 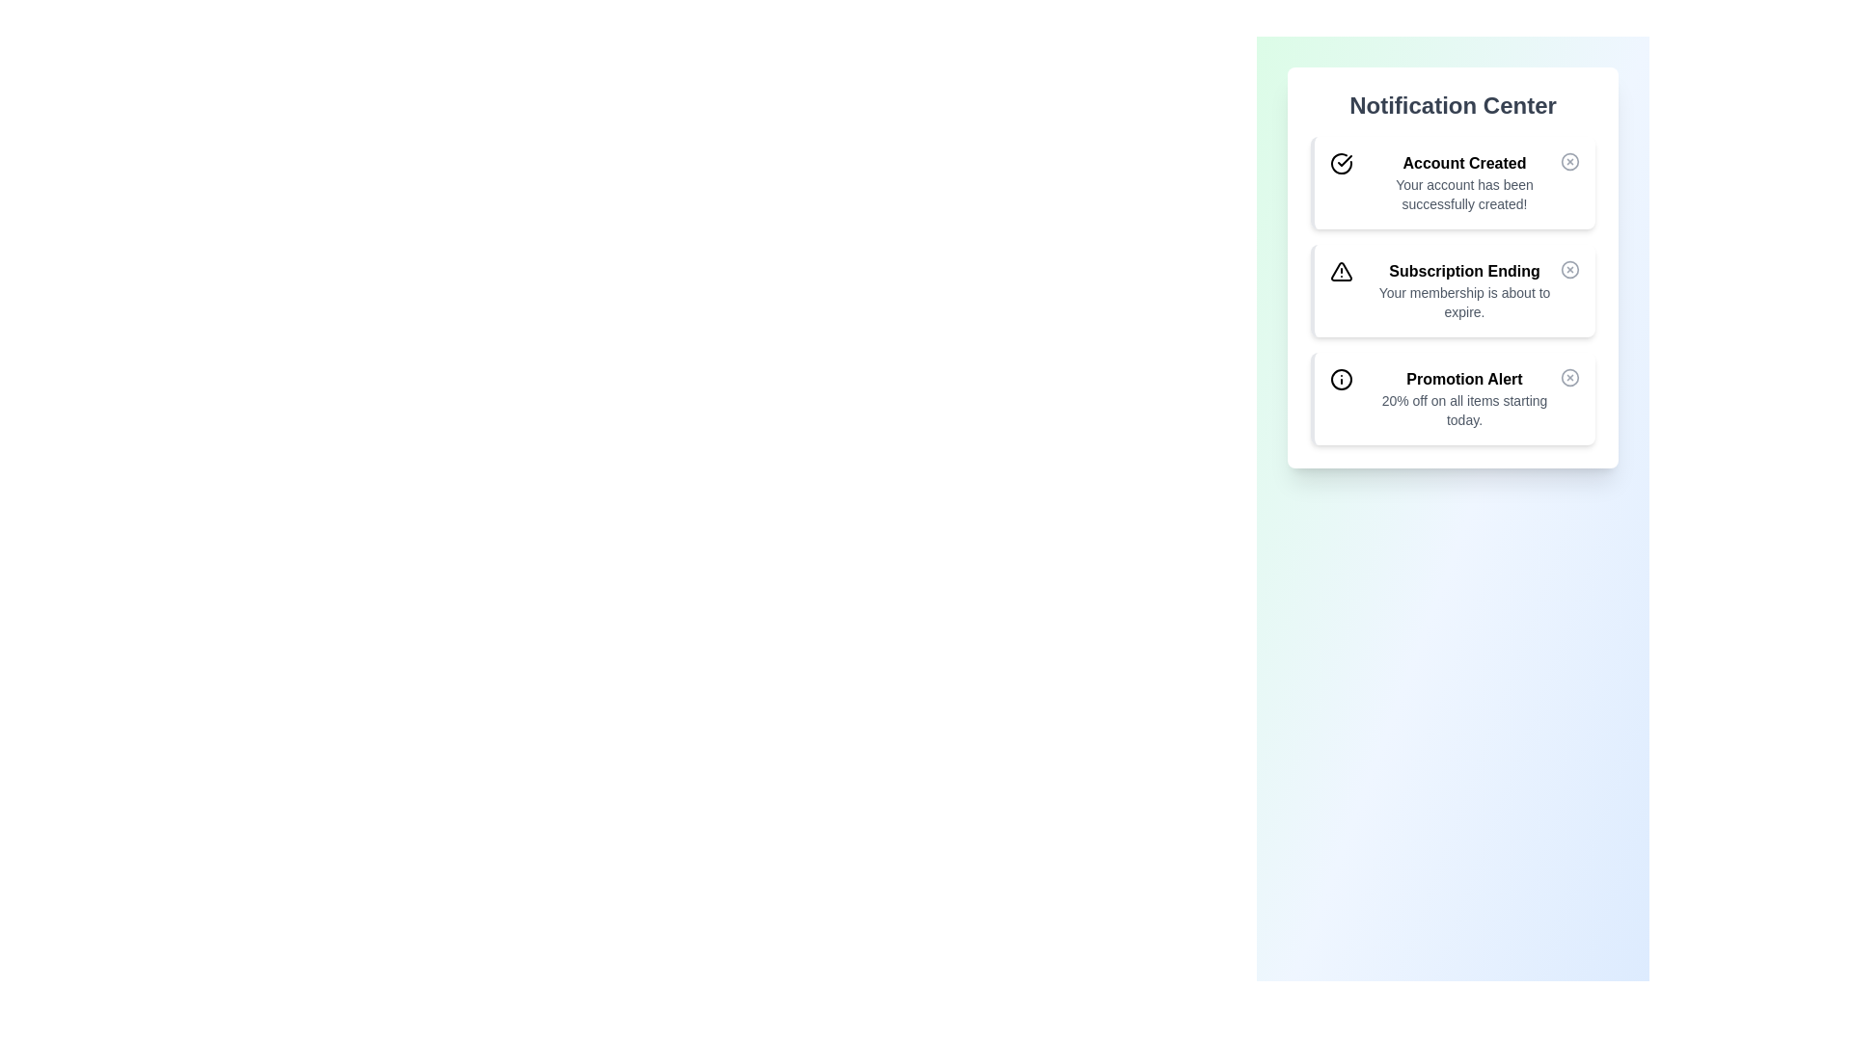 What do you see at coordinates (1453, 290) in the screenshot?
I see `the Notification Card indicating impending membership expiration, which is the second card in a vertically stacked group of three notifications` at bounding box center [1453, 290].